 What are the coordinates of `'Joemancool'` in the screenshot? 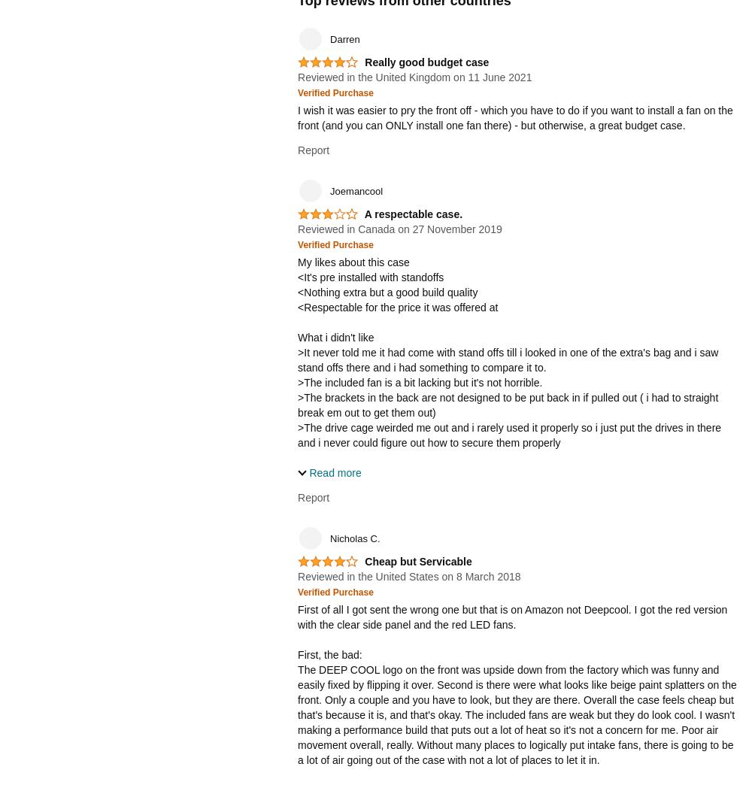 It's located at (356, 190).